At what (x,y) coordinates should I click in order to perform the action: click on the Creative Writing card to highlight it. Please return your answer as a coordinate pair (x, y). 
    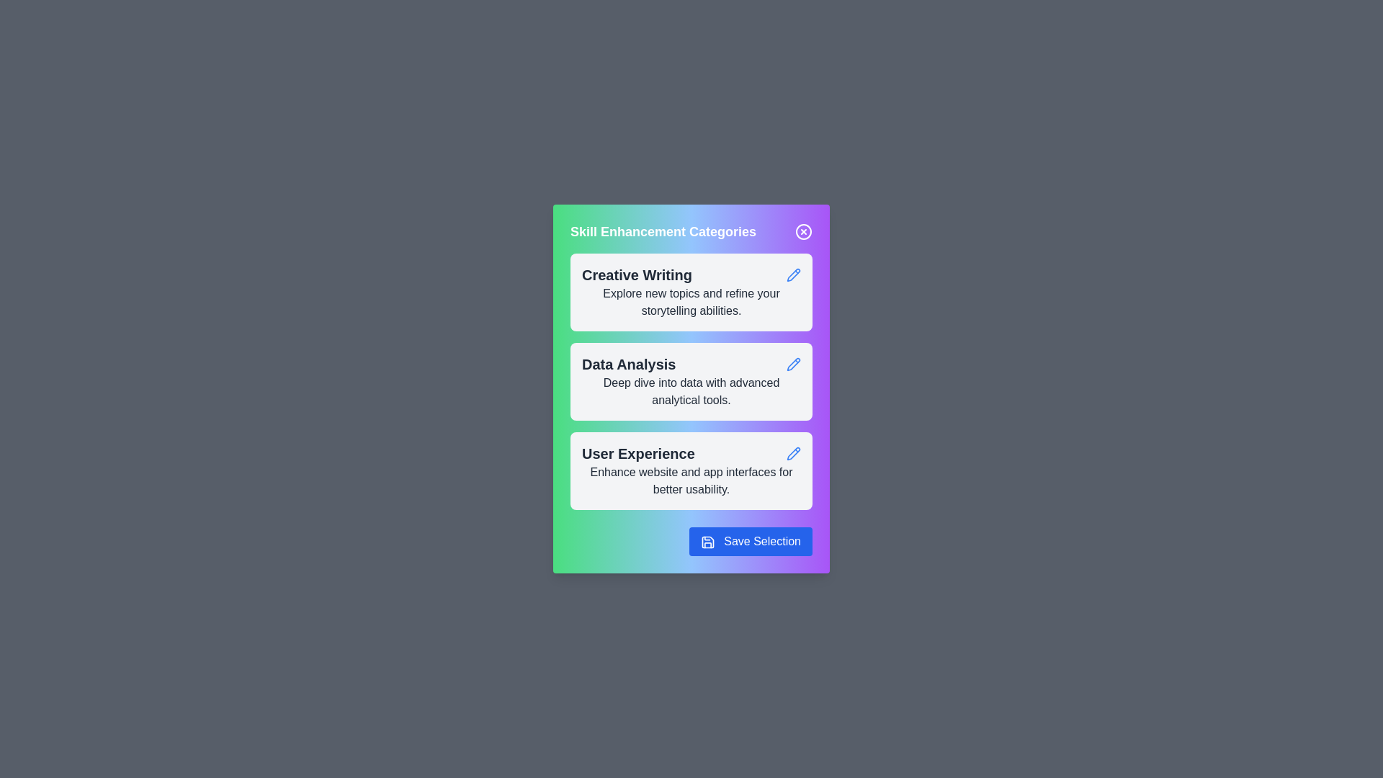
    Looking at the image, I should click on (691, 292).